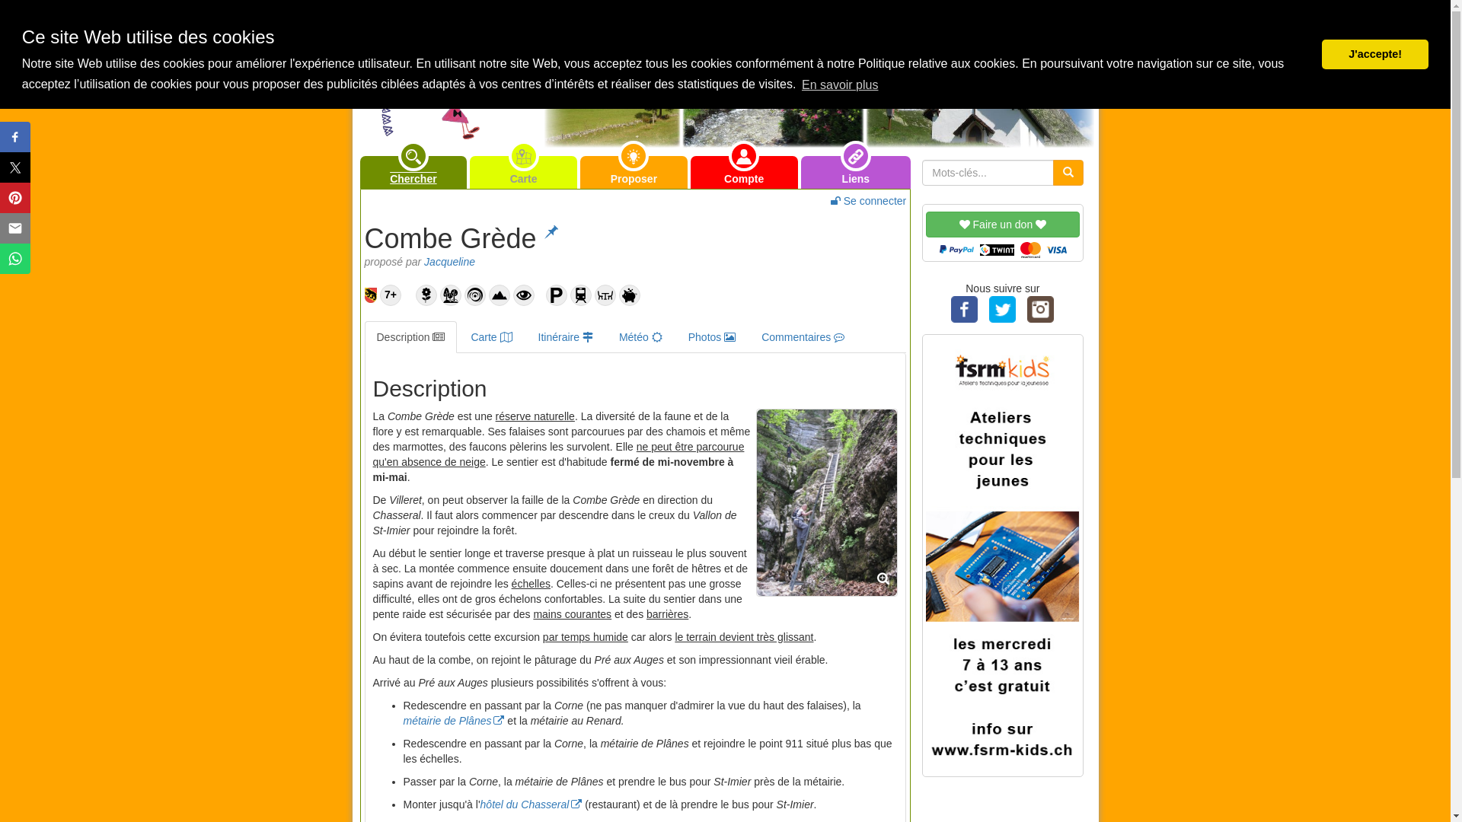  I want to click on 'Faire un don', so click(1002, 234).